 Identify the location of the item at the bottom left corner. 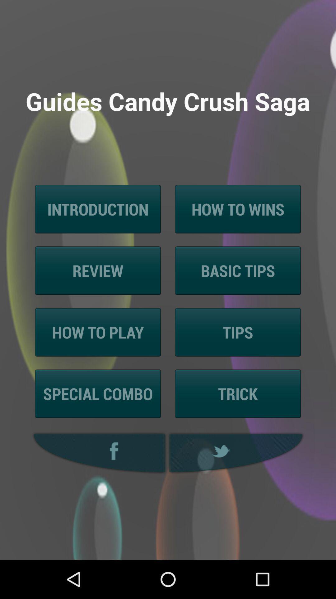
(98, 453).